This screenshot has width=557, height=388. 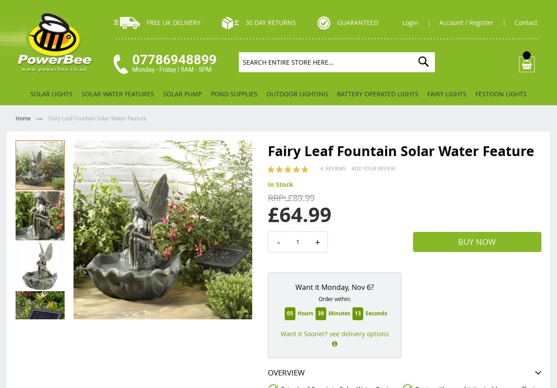 What do you see at coordinates (24, 118) in the screenshot?
I see `'Home'` at bounding box center [24, 118].